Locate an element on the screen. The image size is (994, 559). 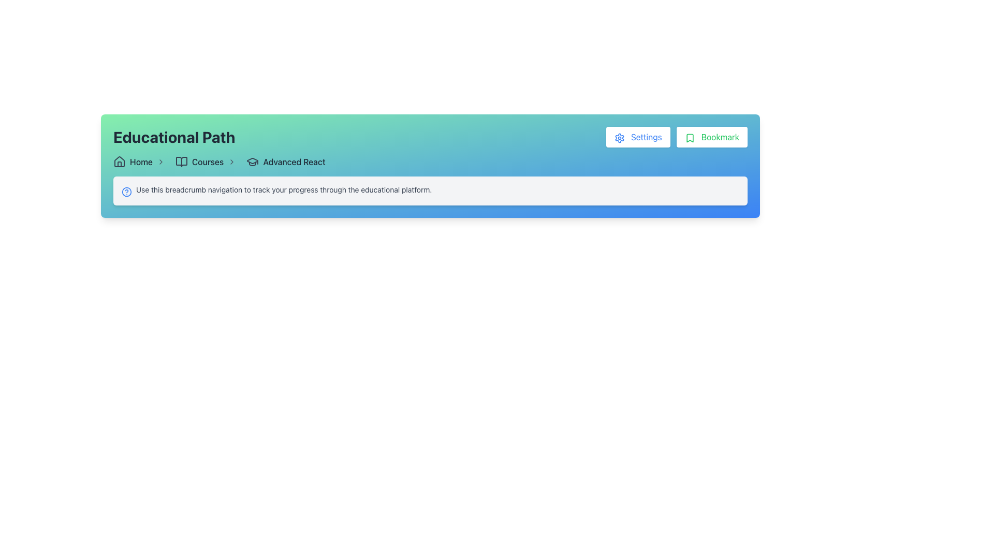
the bookmark icon located in the rightmost section of the top navigation bar is located at coordinates (690, 137).